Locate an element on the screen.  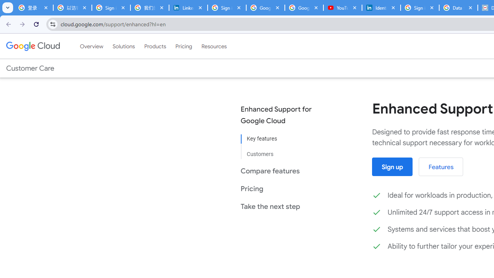
'Sign up' is located at coordinates (392, 166).